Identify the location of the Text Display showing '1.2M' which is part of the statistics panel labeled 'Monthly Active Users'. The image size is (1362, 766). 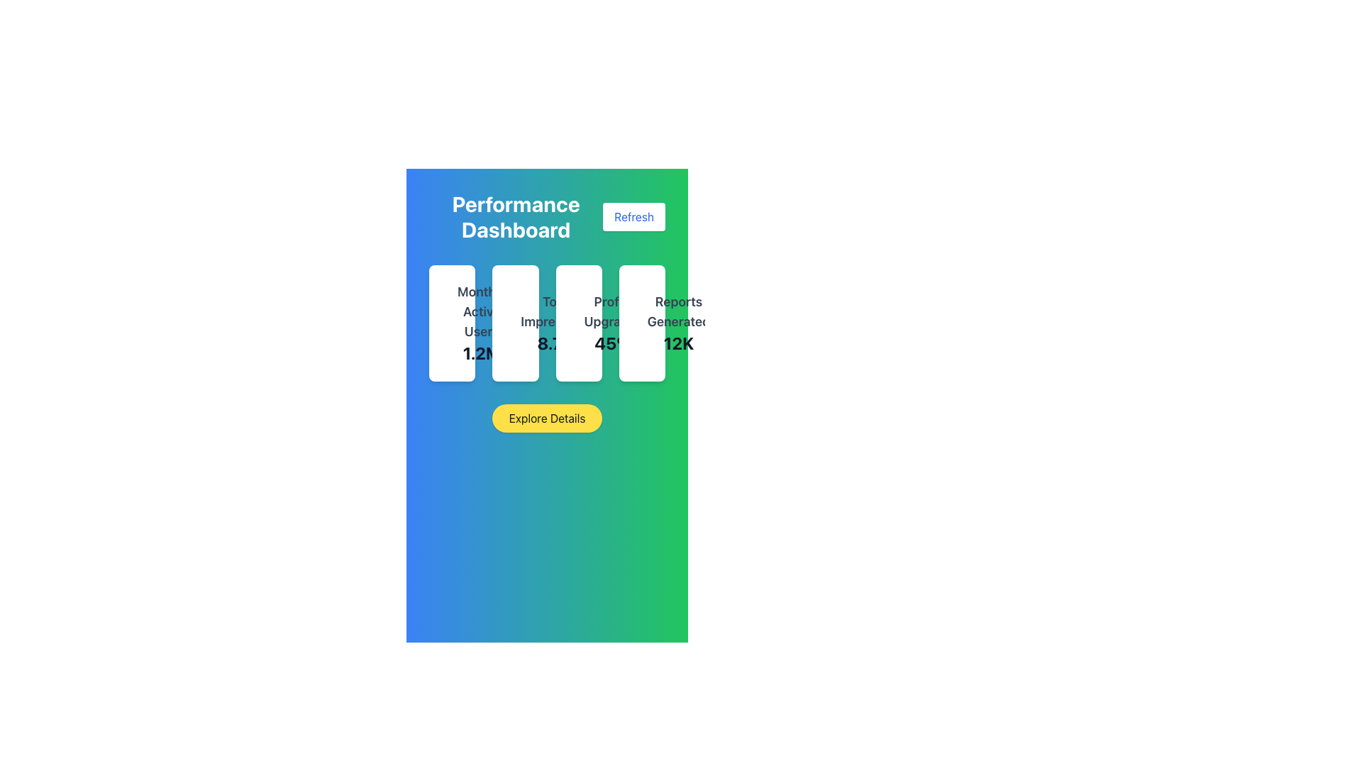
(482, 352).